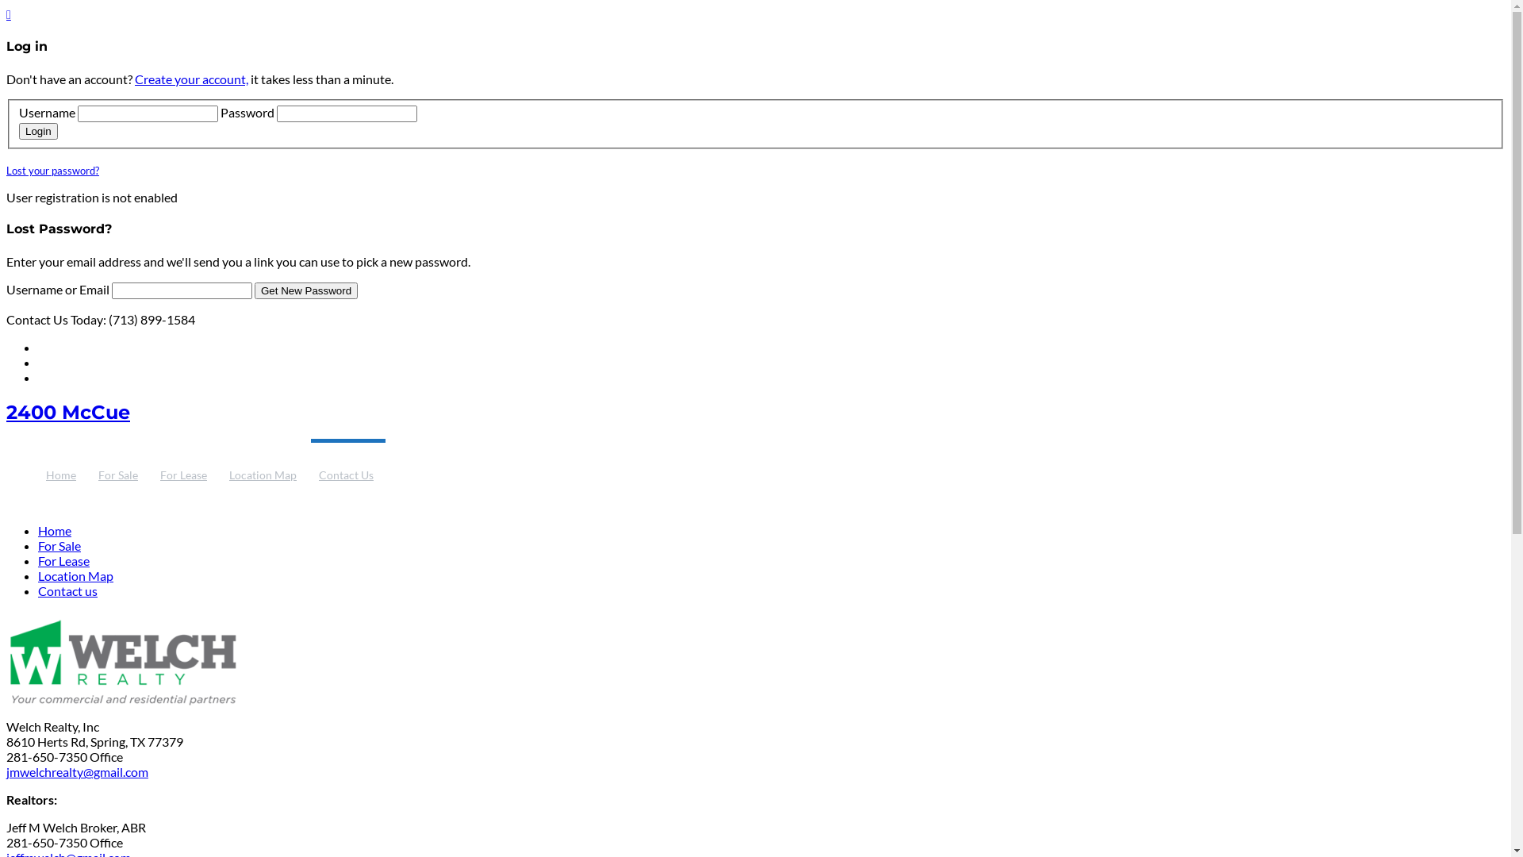  I want to click on 'Home', so click(63, 465).